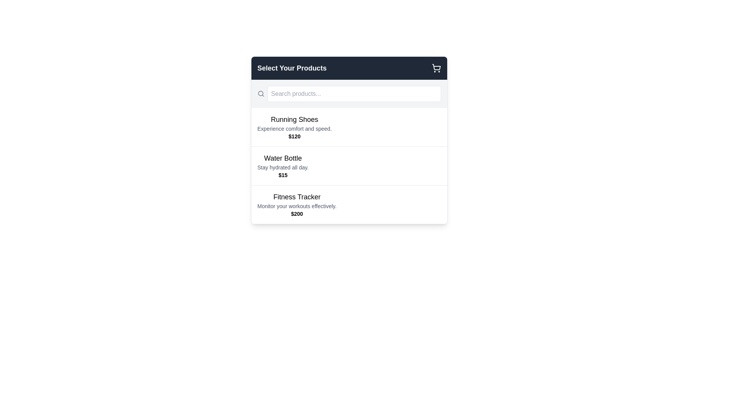 The height and width of the screenshot is (414, 737). Describe the element at coordinates (296, 214) in the screenshot. I see `the text label displaying '$200' for the 'Fitness Tracker' product, which is located below the description 'Monitor your workouts effectively.'` at that location.